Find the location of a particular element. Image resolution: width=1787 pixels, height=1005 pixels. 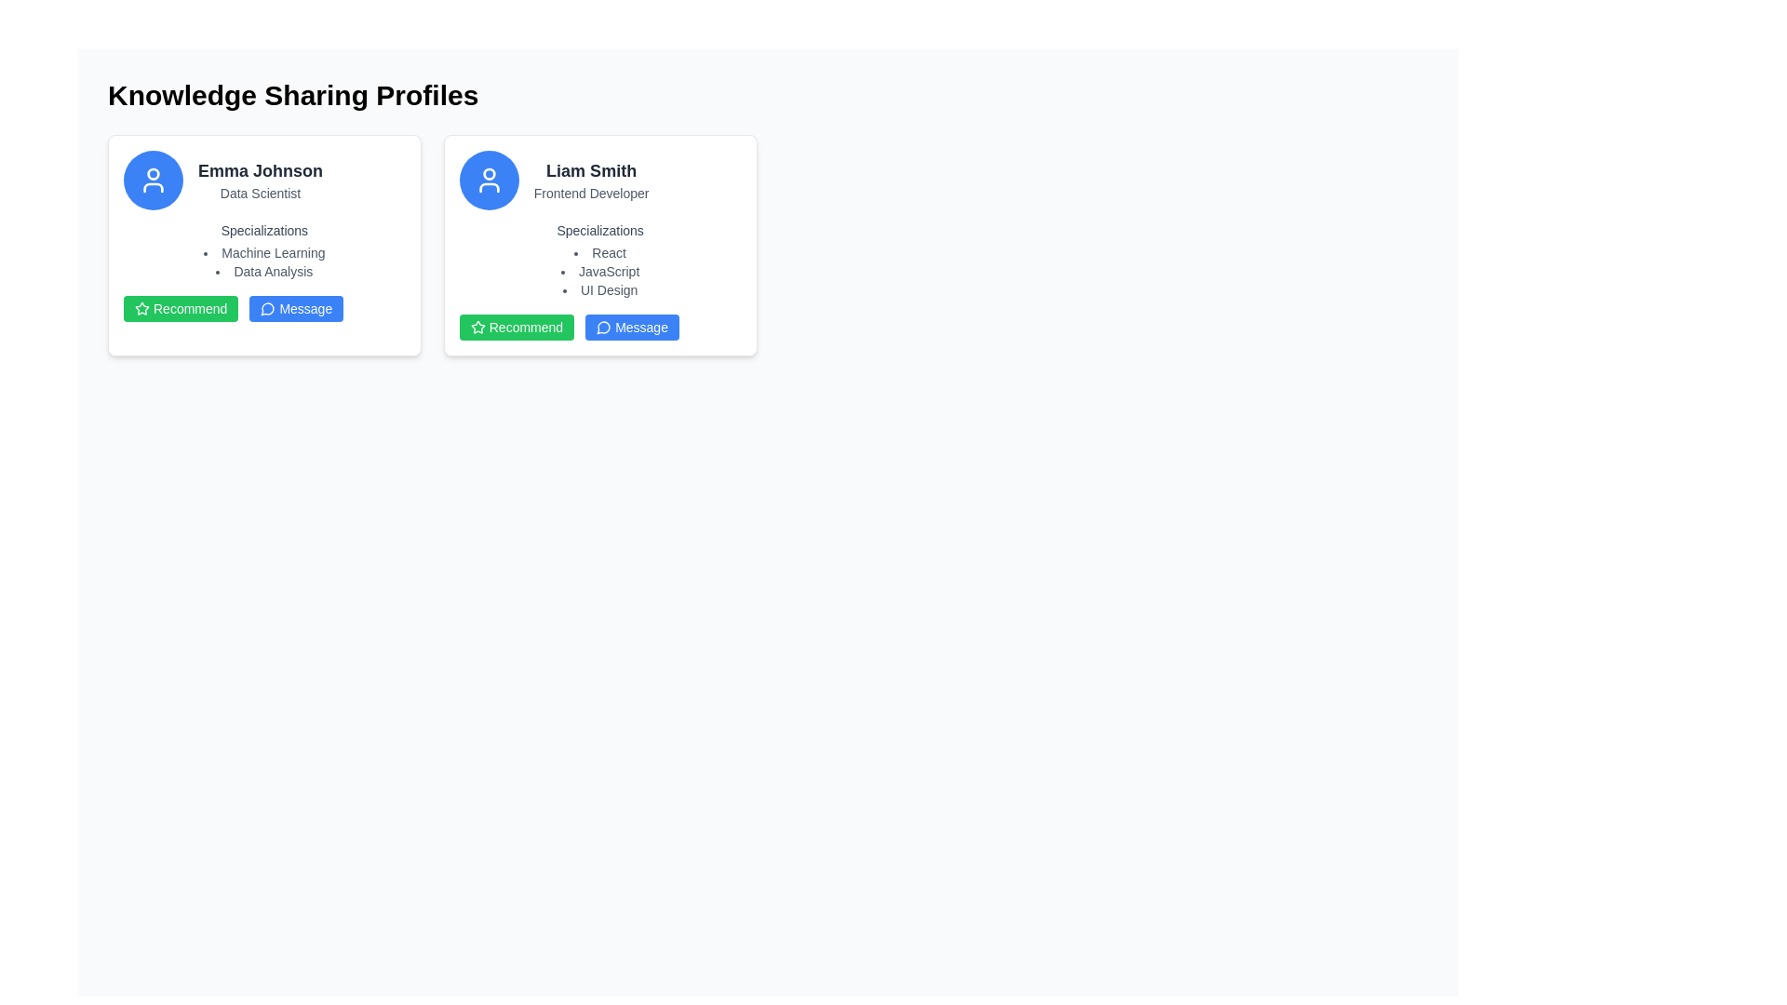

the messaging button located to the right of the green 'Recommend' button to change its background color to a darker blue is located at coordinates (295, 307).